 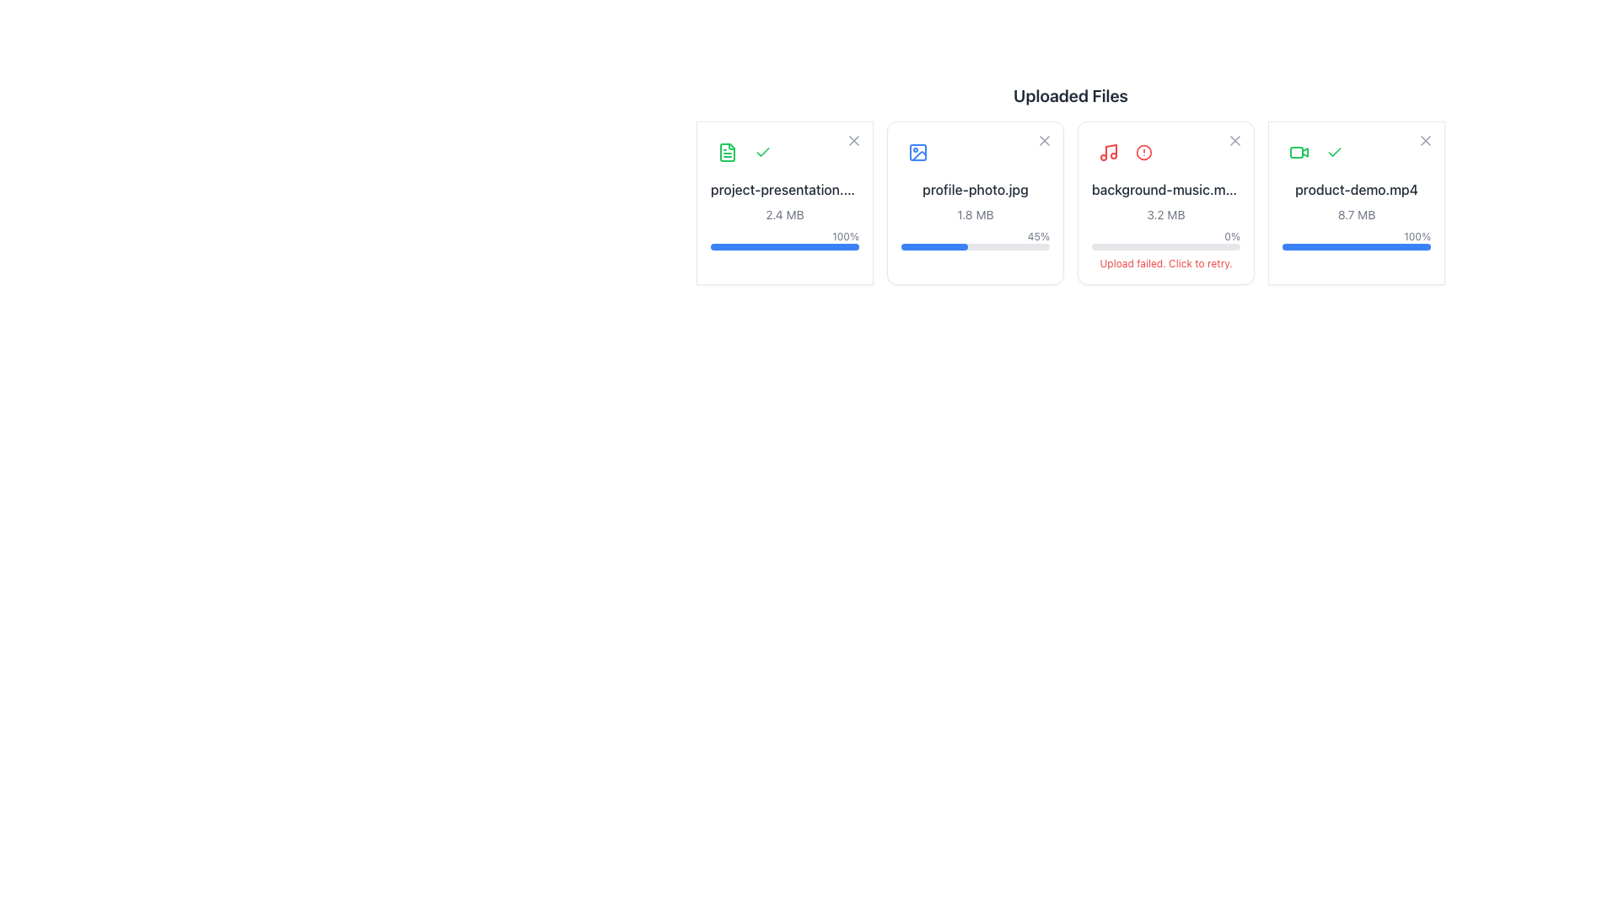 What do you see at coordinates (1356, 240) in the screenshot?
I see `the file title associated with the progress bar showing '100%' completion` at bounding box center [1356, 240].